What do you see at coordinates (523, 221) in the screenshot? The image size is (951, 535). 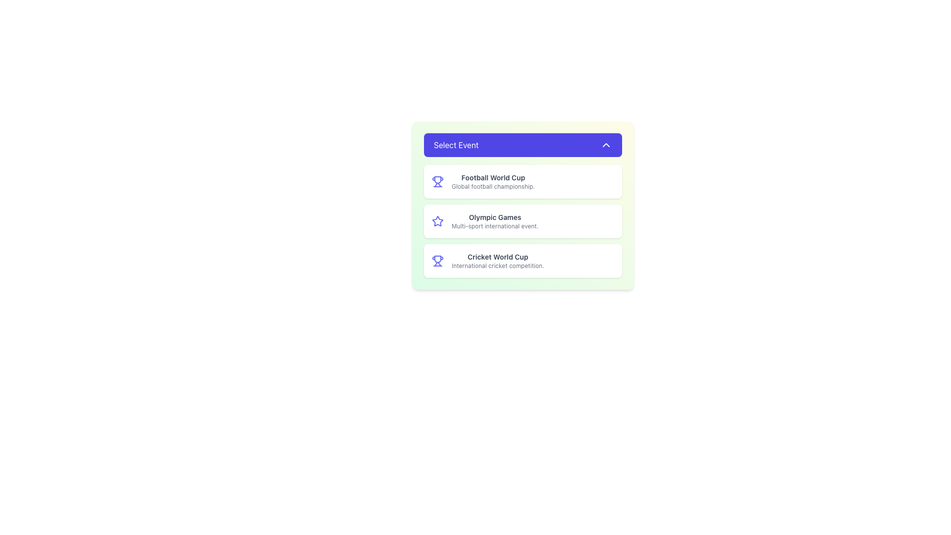 I see `the 'Olympic Games' informational card, which features bold gray text and a description below it, located as the second item in the 'Select Event' list` at bounding box center [523, 221].